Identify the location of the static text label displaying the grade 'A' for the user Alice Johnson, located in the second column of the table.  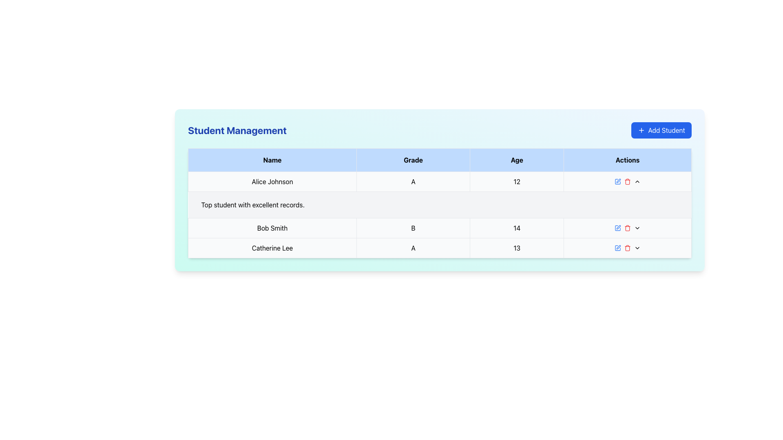
(413, 181).